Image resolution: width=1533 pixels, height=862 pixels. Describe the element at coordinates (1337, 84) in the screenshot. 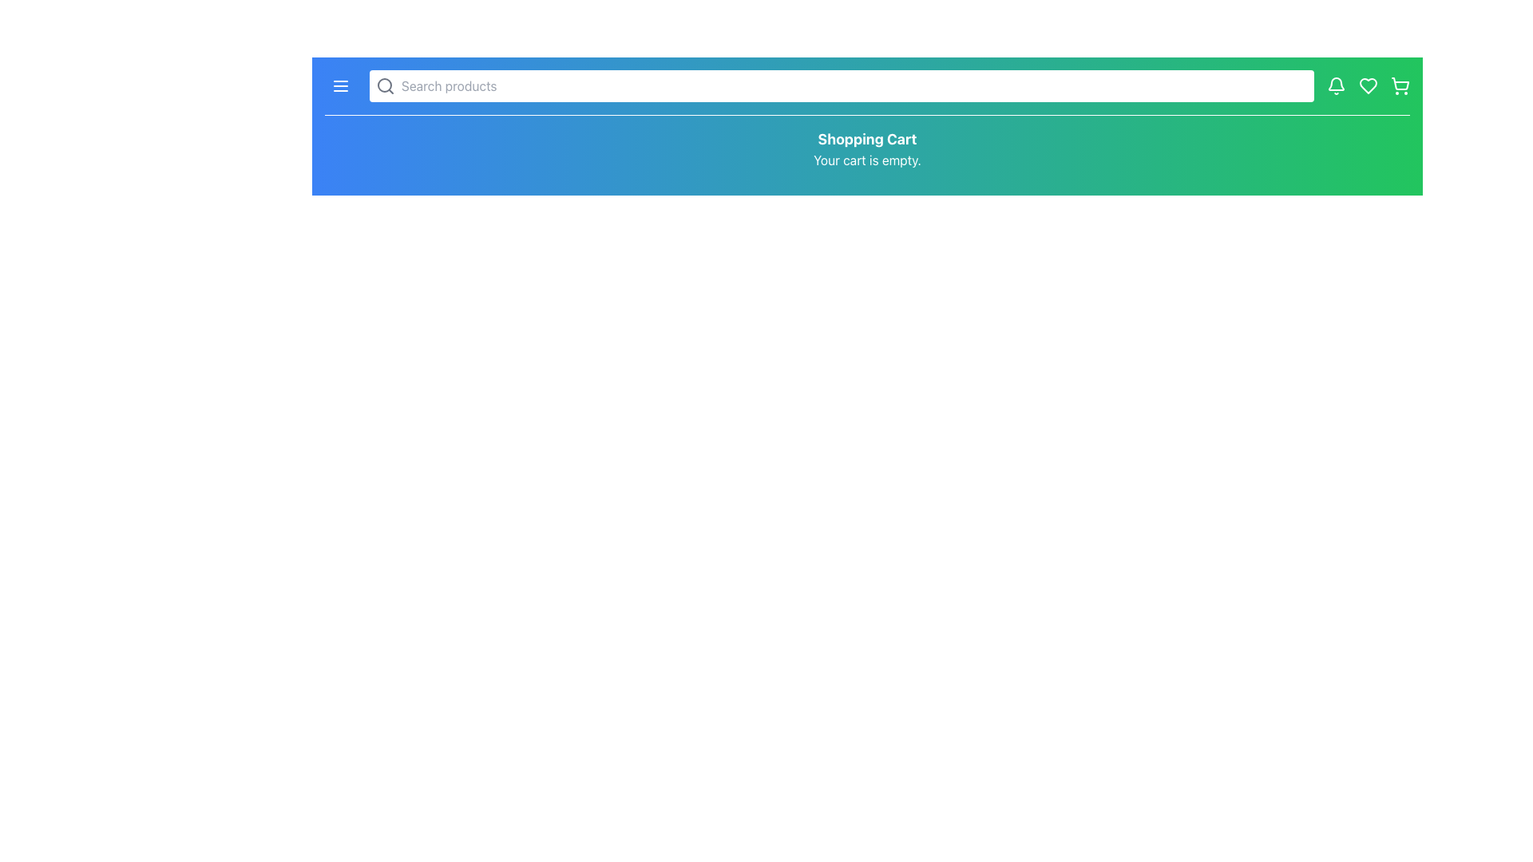

I see `the notification icon located in the top-right corner of the navigation bar, which is part of a grouped set of icons including a heart and a shopping cart` at that location.